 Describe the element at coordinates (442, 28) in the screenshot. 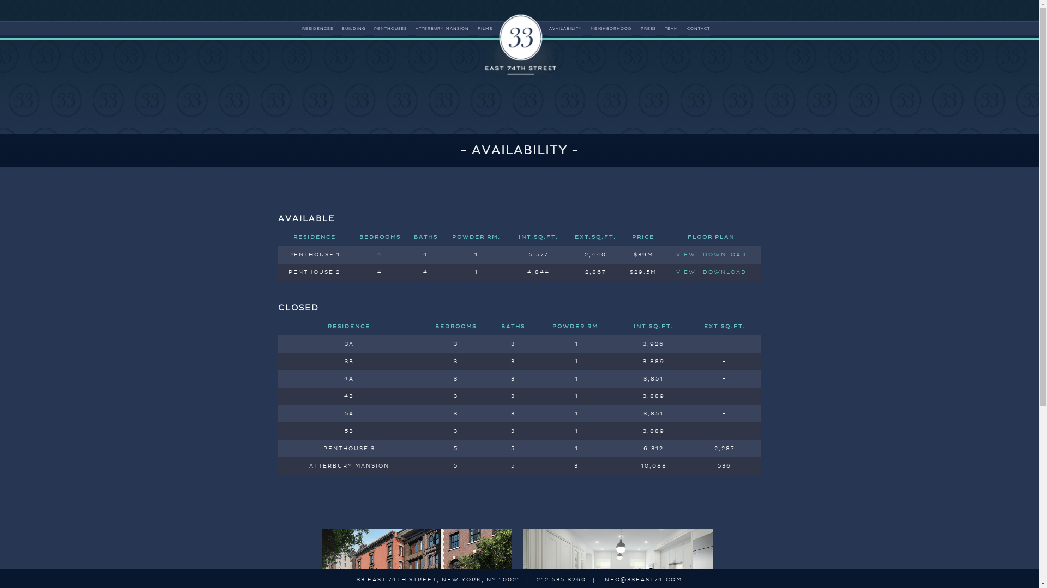

I see `'ATTERBURY MANSION'` at that location.